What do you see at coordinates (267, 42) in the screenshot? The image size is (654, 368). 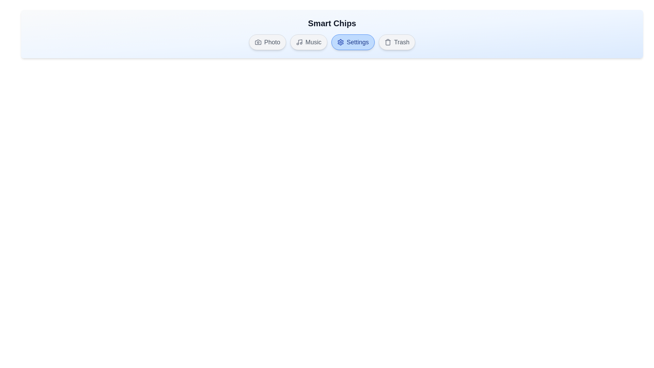 I see `the chip labeled 'Photo' to observe its hover effect` at bounding box center [267, 42].